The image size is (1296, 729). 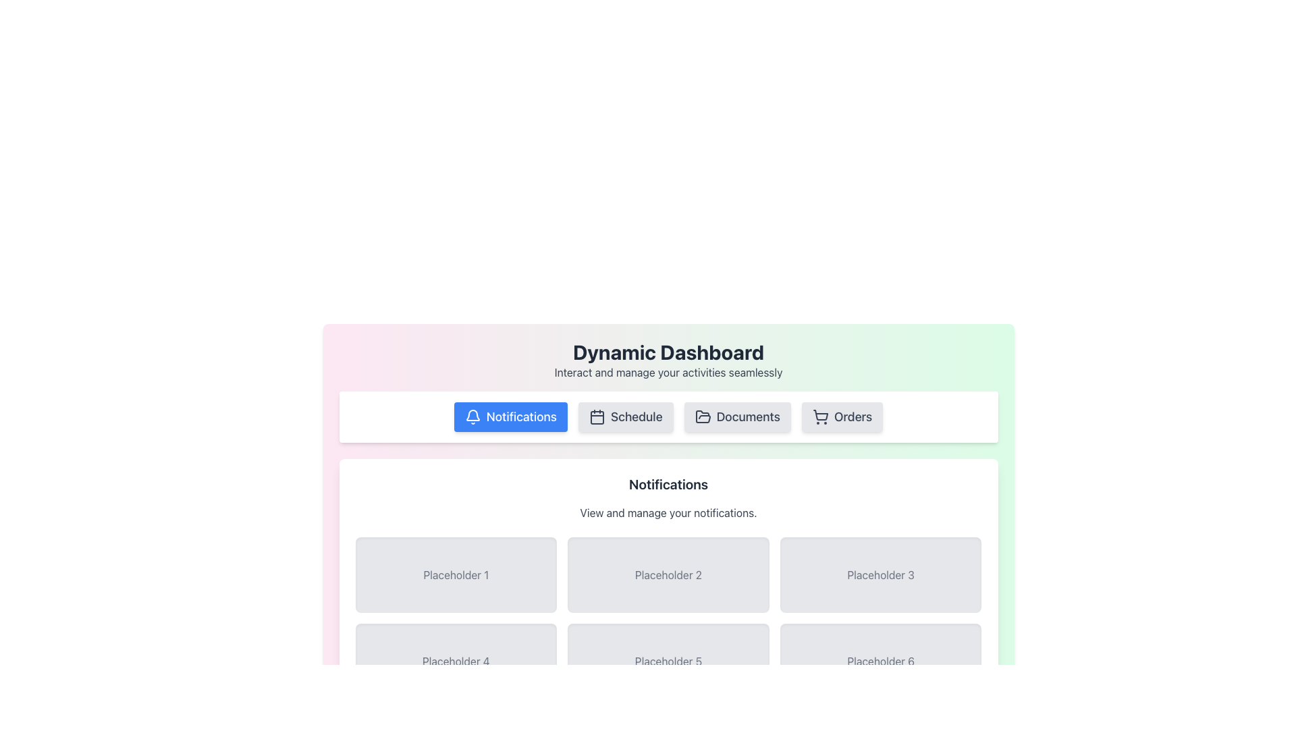 What do you see at coordinates (456, 660) in the screenshot?
I see `the static text label displaying 'Placeholder 4' which is located in the bottom-left quadrant of a grid and has a light gray background with rounded corners` at bounding box center [456, 660].